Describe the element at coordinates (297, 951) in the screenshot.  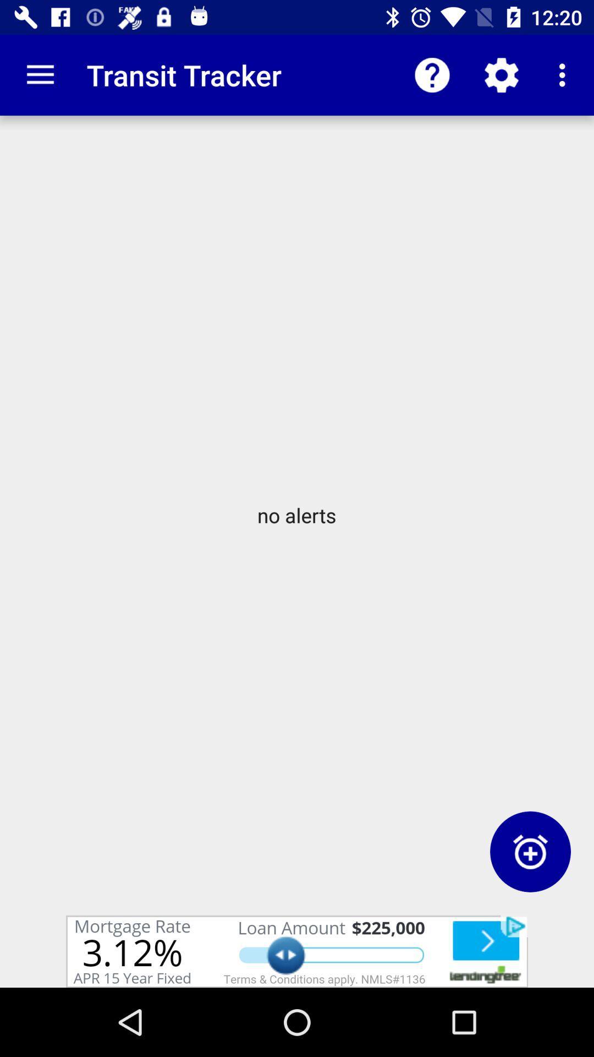
I see `advertisement banner` at that location.